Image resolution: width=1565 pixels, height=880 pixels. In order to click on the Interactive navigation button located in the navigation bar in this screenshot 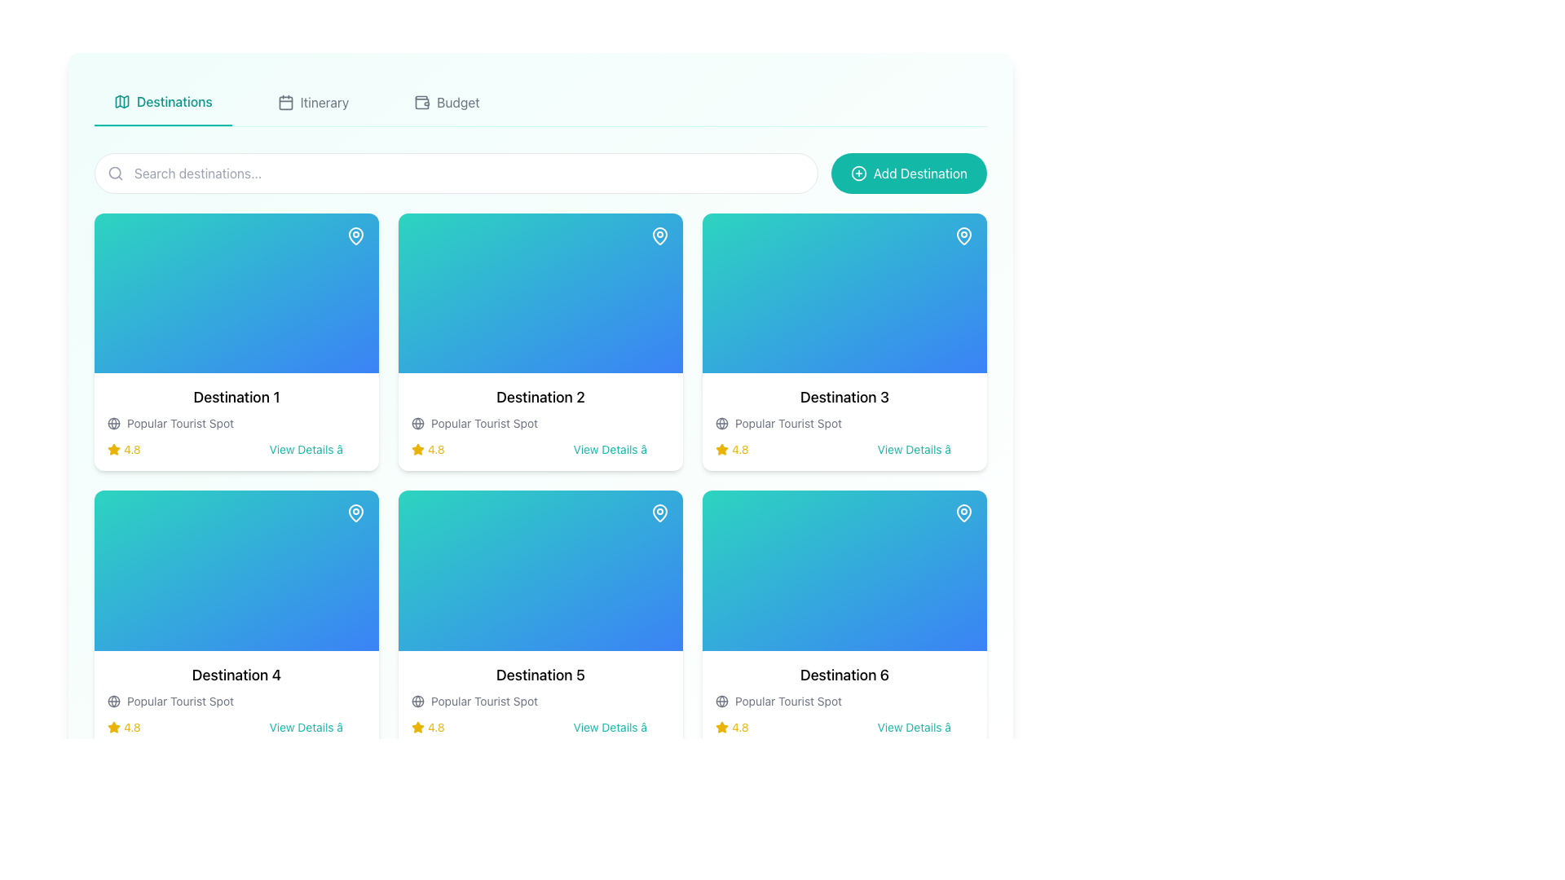, I will do `click(313, 103)`.